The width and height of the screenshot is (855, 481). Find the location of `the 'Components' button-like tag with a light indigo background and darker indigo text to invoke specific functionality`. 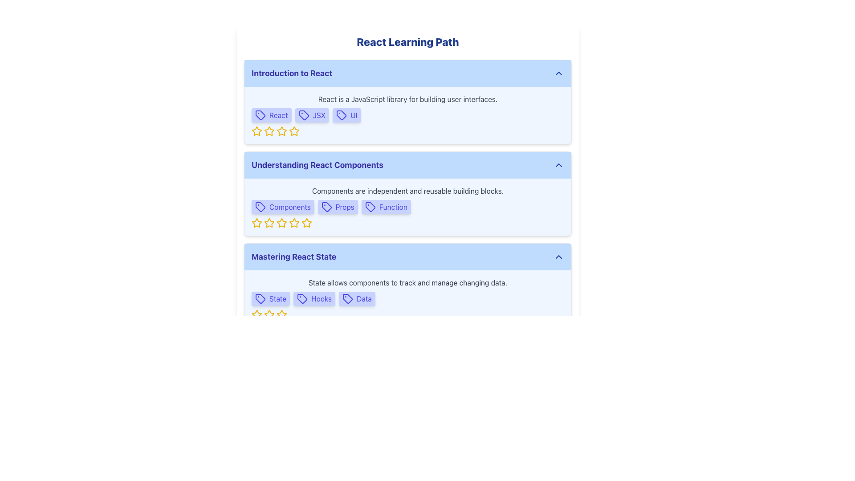

the 'Components' button-like tag with a light indigo background and darker indigo text to invoke specific functionality is located at coordinates (282, 207).